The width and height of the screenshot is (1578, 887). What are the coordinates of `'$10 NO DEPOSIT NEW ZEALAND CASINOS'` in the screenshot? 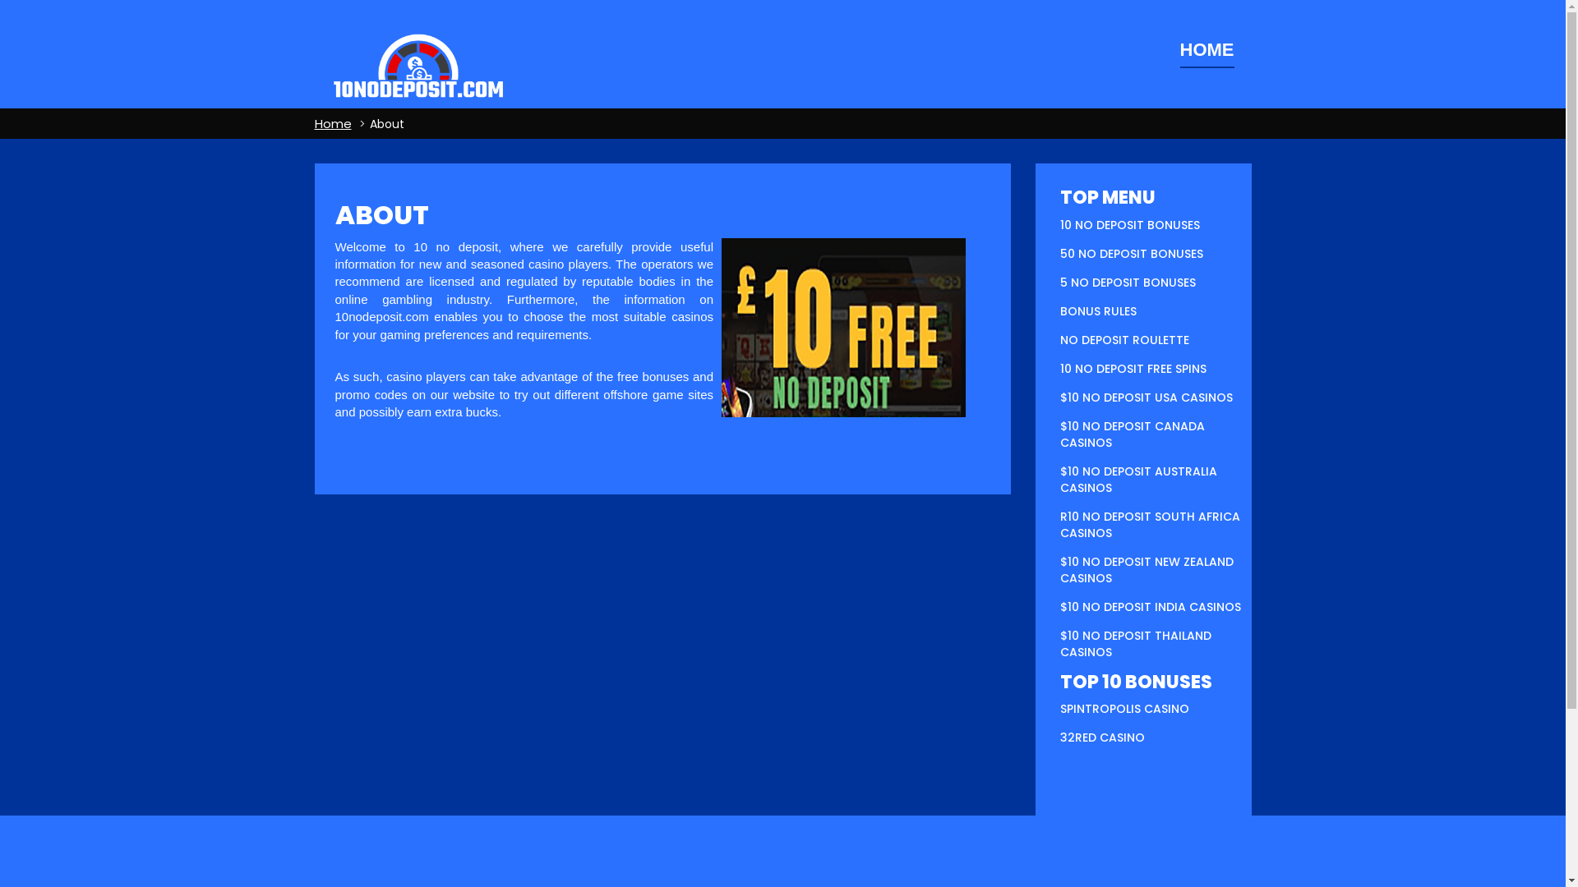 It's located at (1146, 569).